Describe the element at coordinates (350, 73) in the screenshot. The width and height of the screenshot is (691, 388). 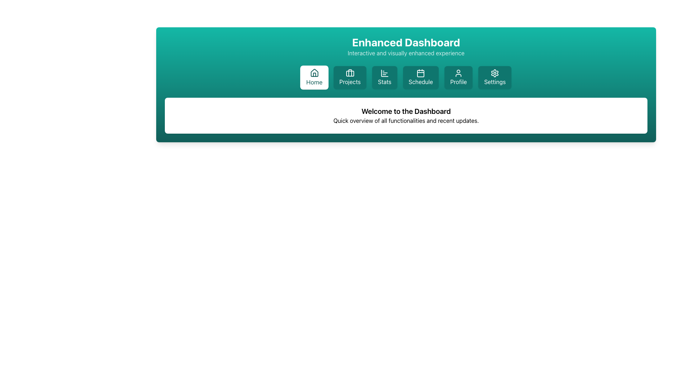
I see `the Projects button which is represented by a briefcase icon located in the navigation bar at the top of the interface, positioned second from the left` at that location.